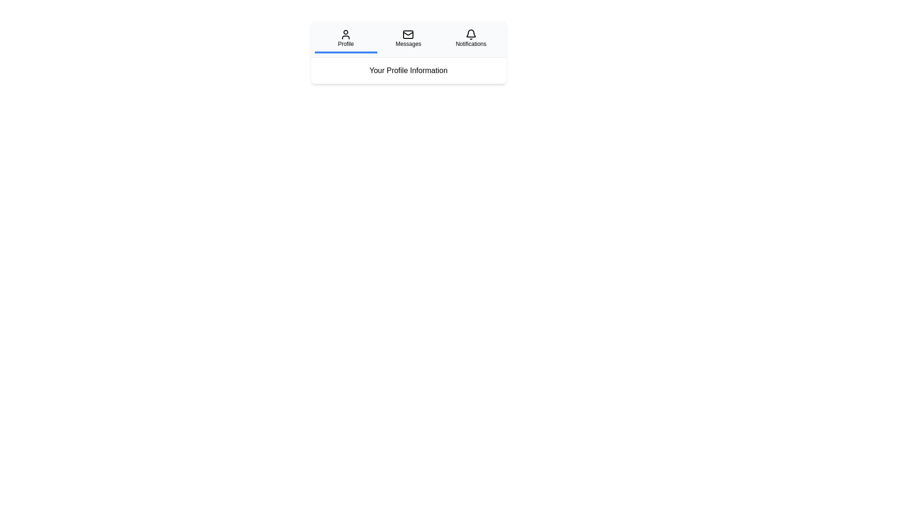 This screenshot has height=506, width=901. What do you see at coordinates (408, 70) in the screenshot?
I see `the static text label displaying 'Your Profile Information', which is centered under the tabbed navigation bar` at bounding box center [408, 70].